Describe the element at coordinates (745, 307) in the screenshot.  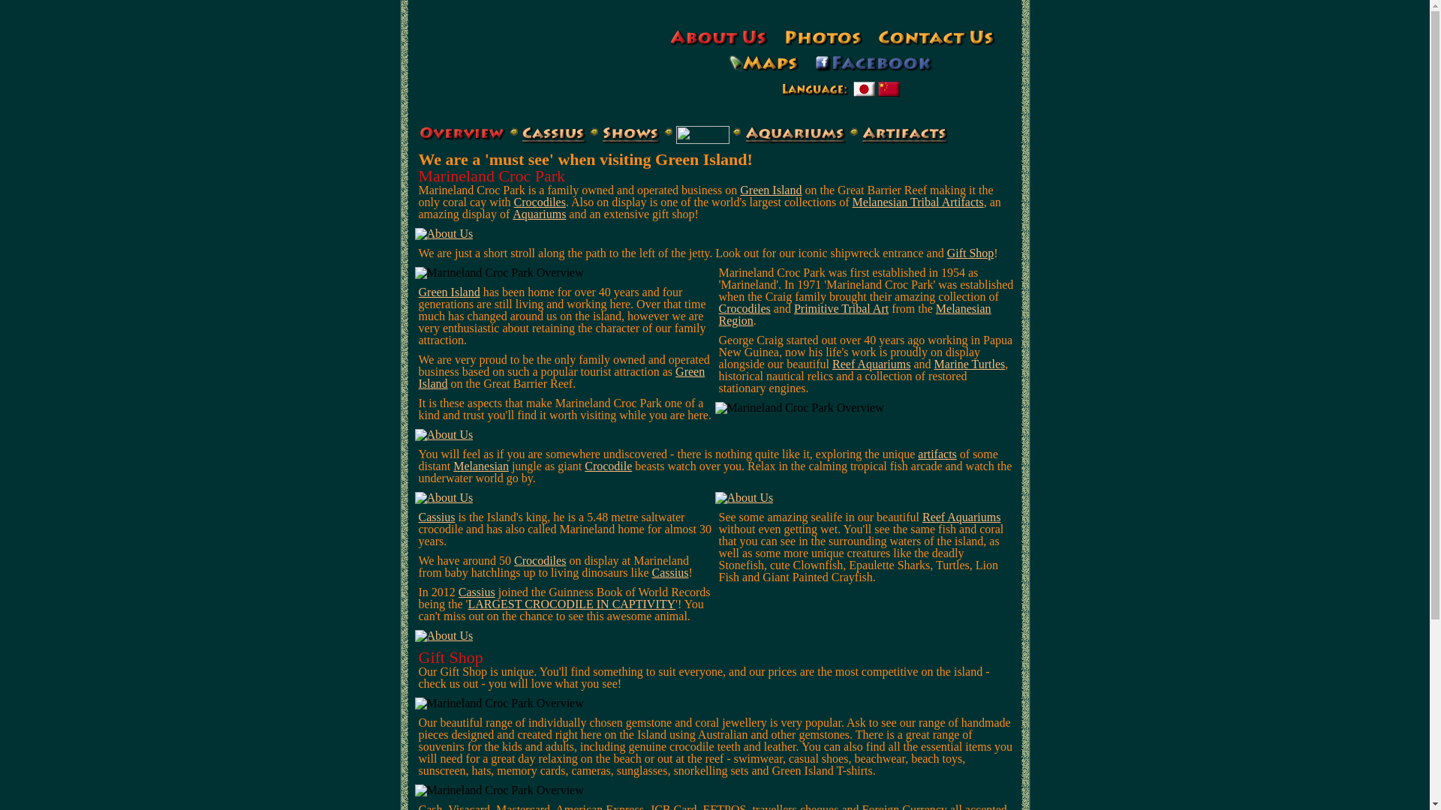
I see `'Crocodiles'` at that location.